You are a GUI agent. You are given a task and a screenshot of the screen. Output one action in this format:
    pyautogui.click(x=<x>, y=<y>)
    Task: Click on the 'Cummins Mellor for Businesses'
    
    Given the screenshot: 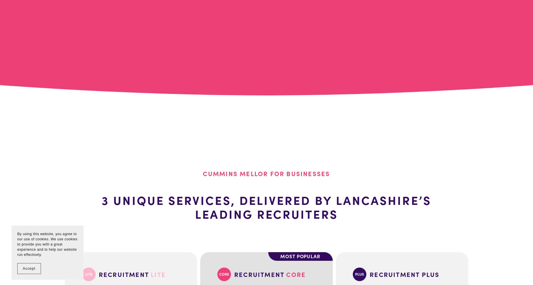 What is the action you would take?
    pyautogui.click(x=266, y=173)
    